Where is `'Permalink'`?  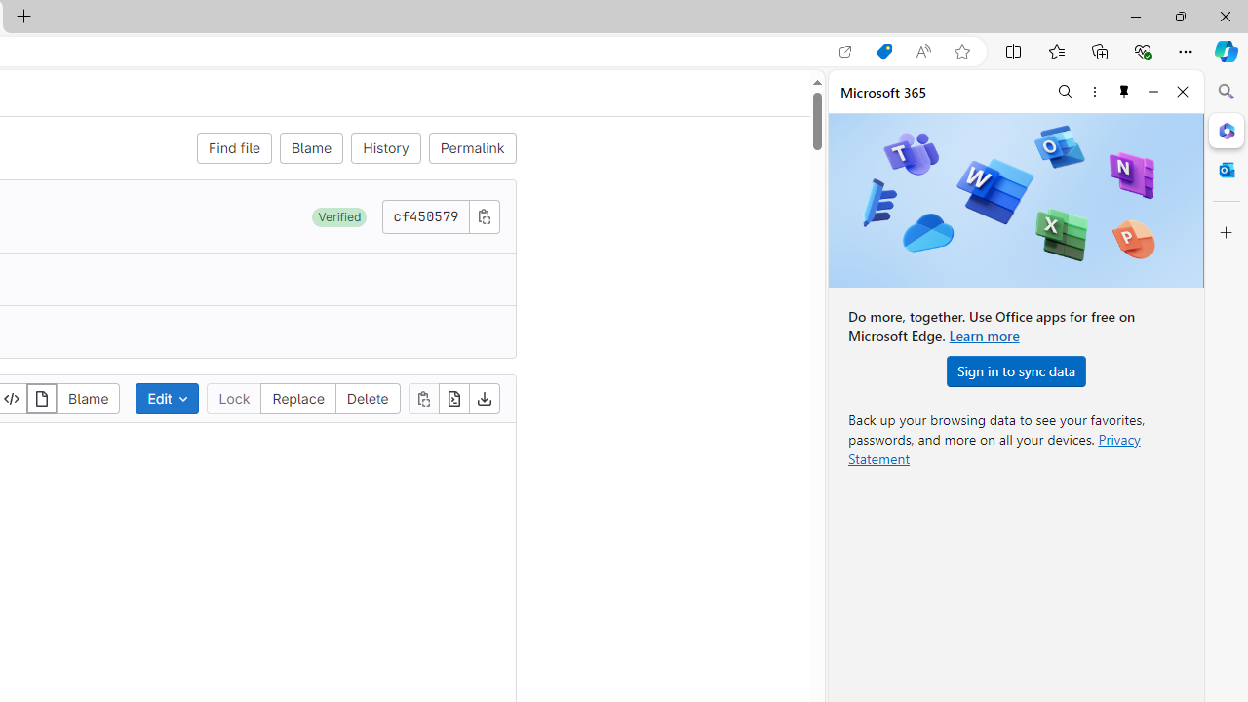
'Permalink' is located at coordinates (472, 146).